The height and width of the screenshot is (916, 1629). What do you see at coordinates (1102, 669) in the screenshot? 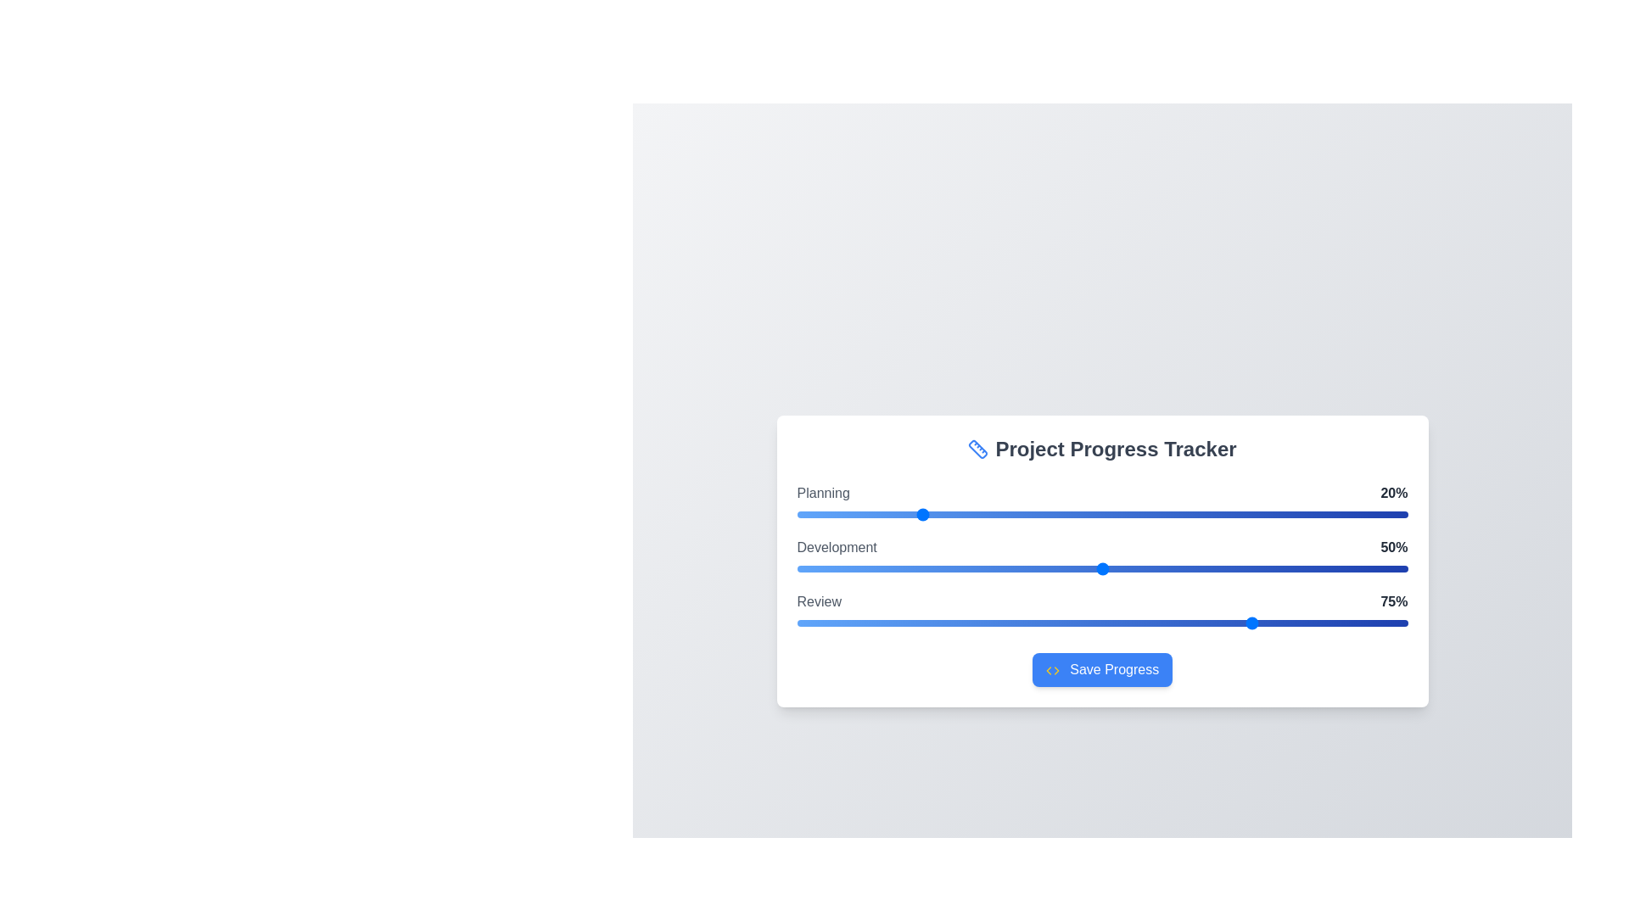
I see `the 'Save Progress' button to save the changes` at bounding box center [1102, 669].